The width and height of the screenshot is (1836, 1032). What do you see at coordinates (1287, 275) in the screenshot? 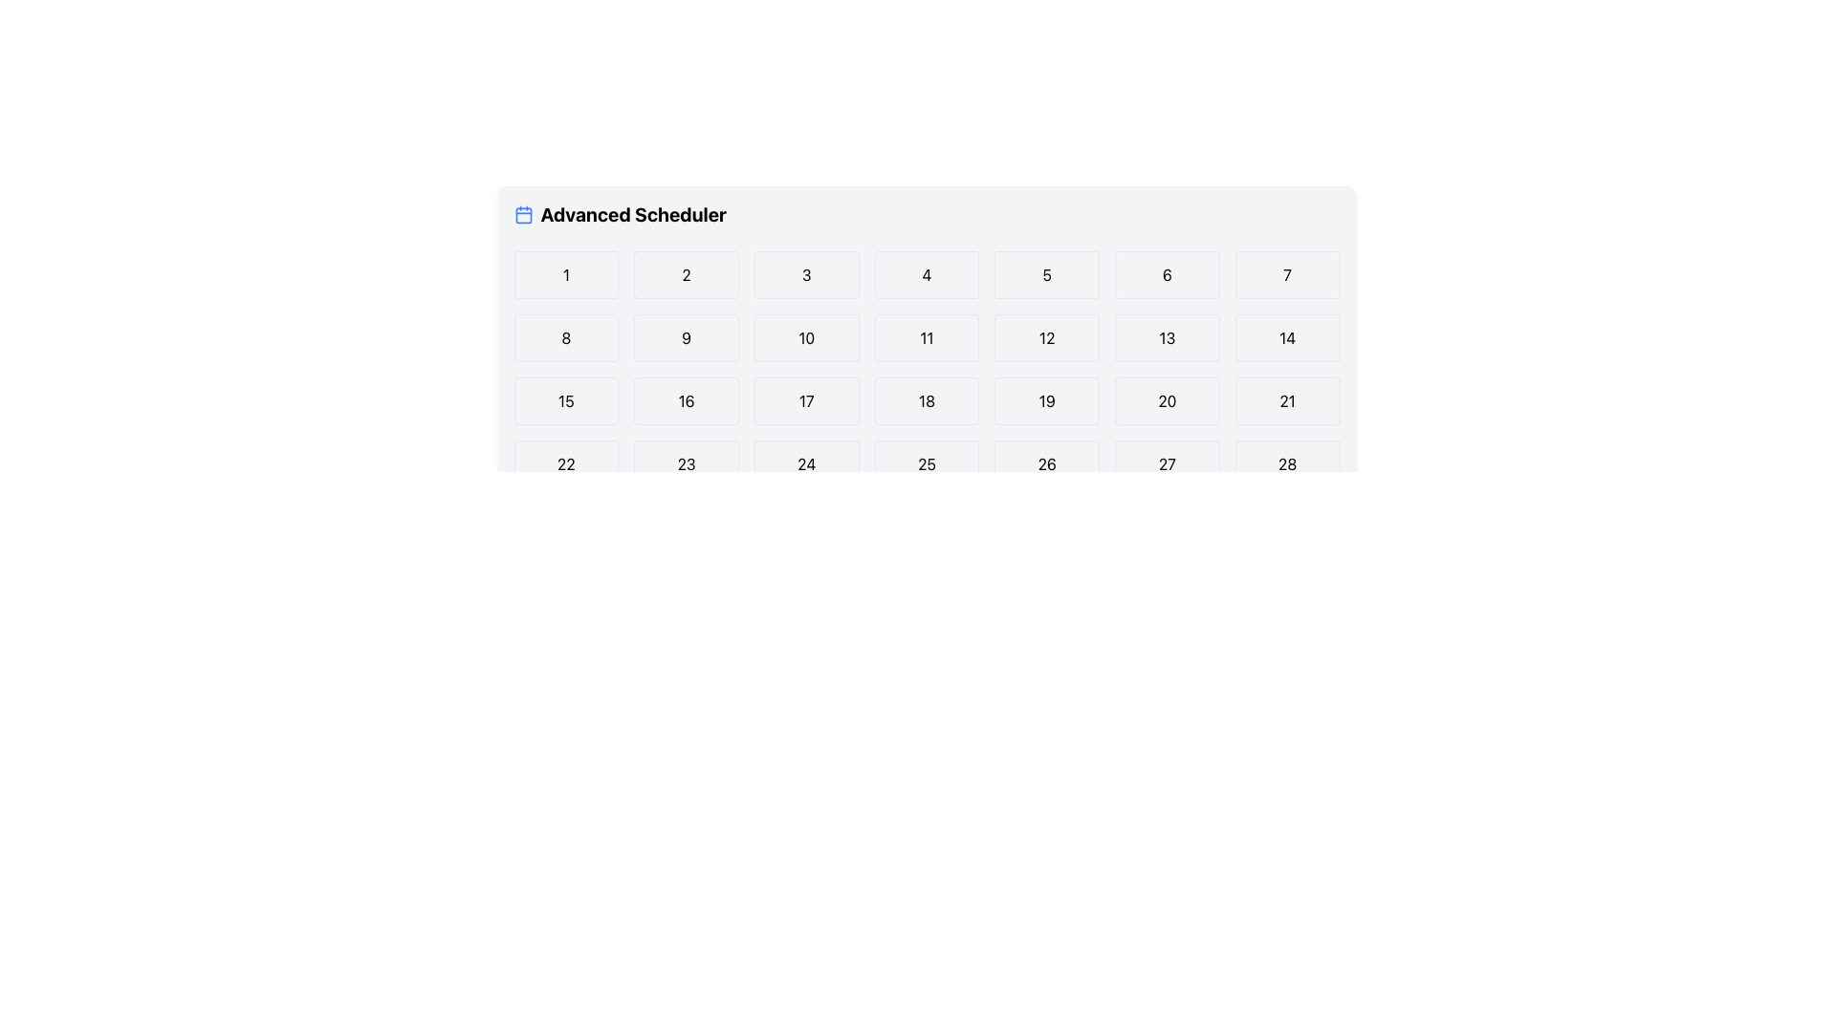
I see `the button displaying the number '7' with a light gray background and black text` at bounding box center [1287, 275].